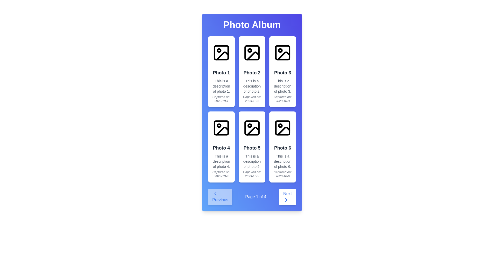 The image size is (494, 278). What do you see at coordinates (221, 128) in the screenshot?
I see `the image icon located at the top of the card titled 'Photo 4', which is positioned in the second row, first column of a grid of six cards` at bounding box center [221, 128].